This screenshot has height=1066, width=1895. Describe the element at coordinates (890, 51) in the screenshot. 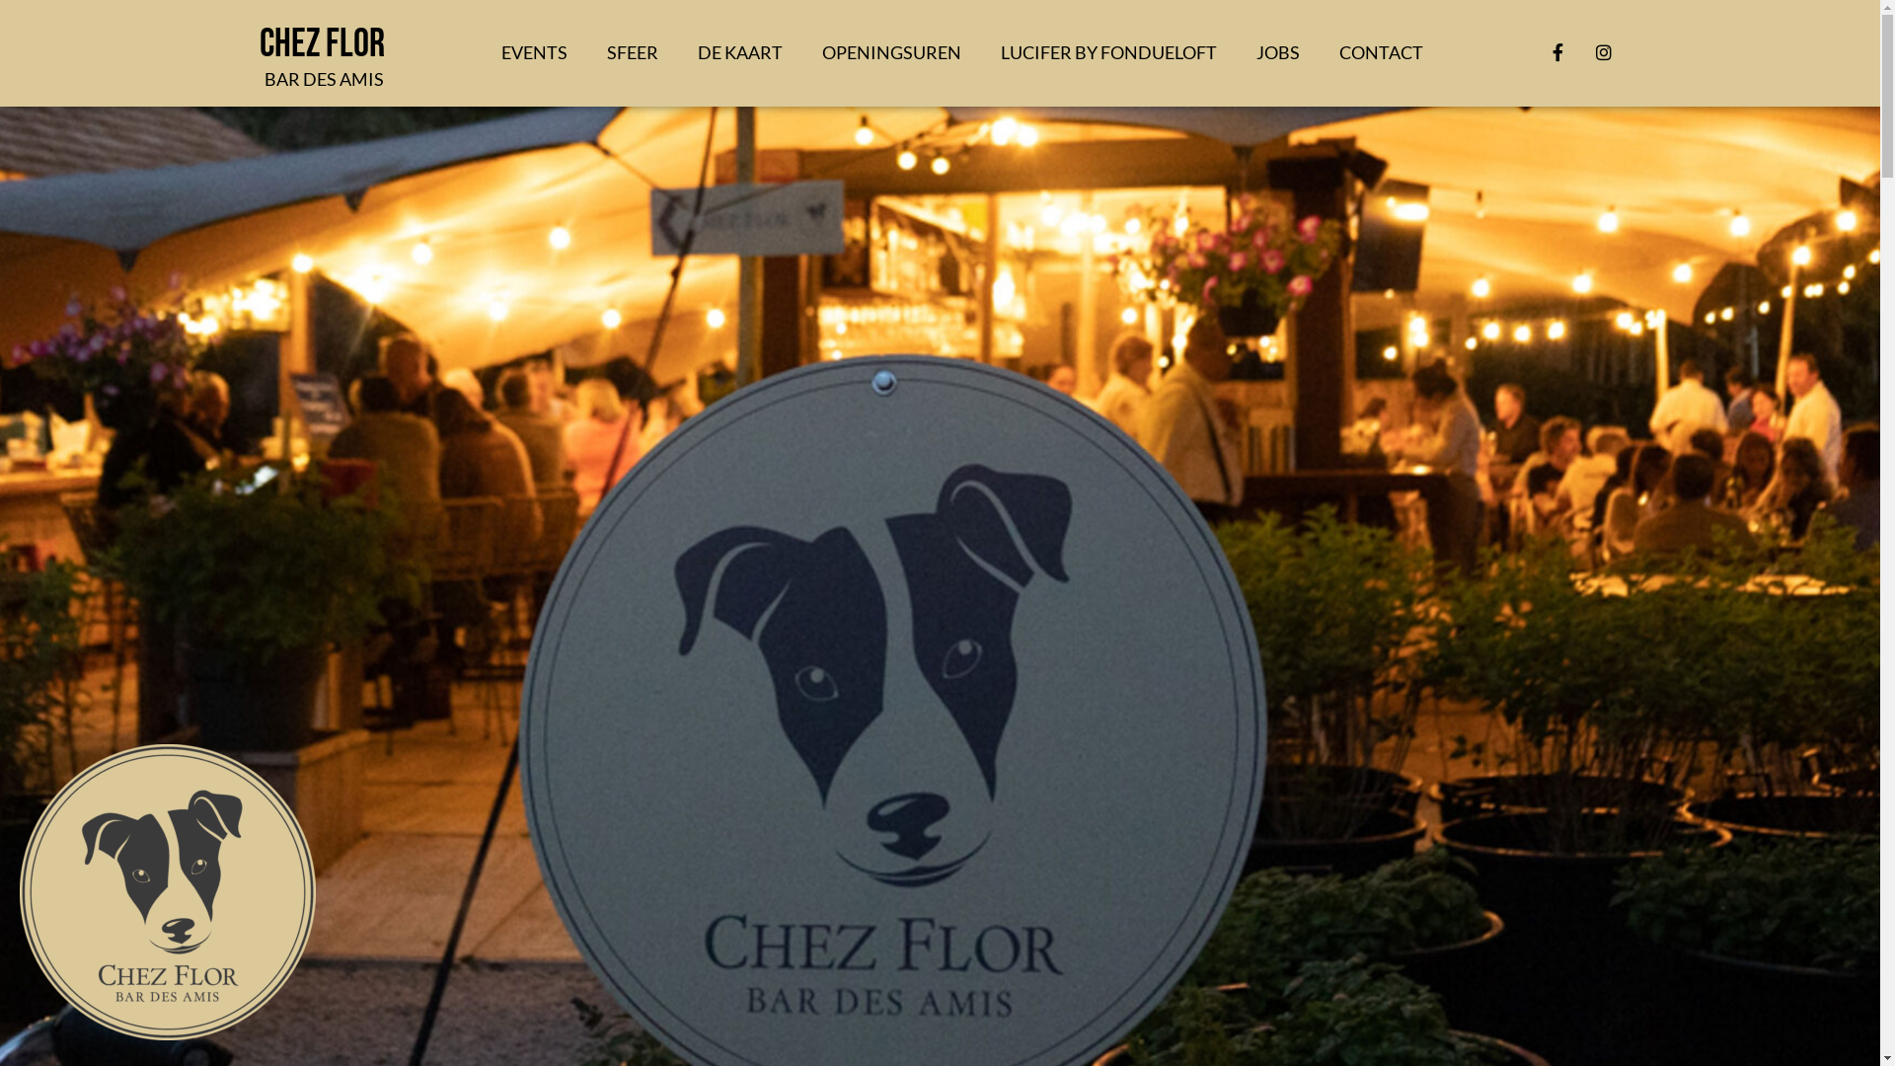

I see `'OPENINGSUREN'` at that location.